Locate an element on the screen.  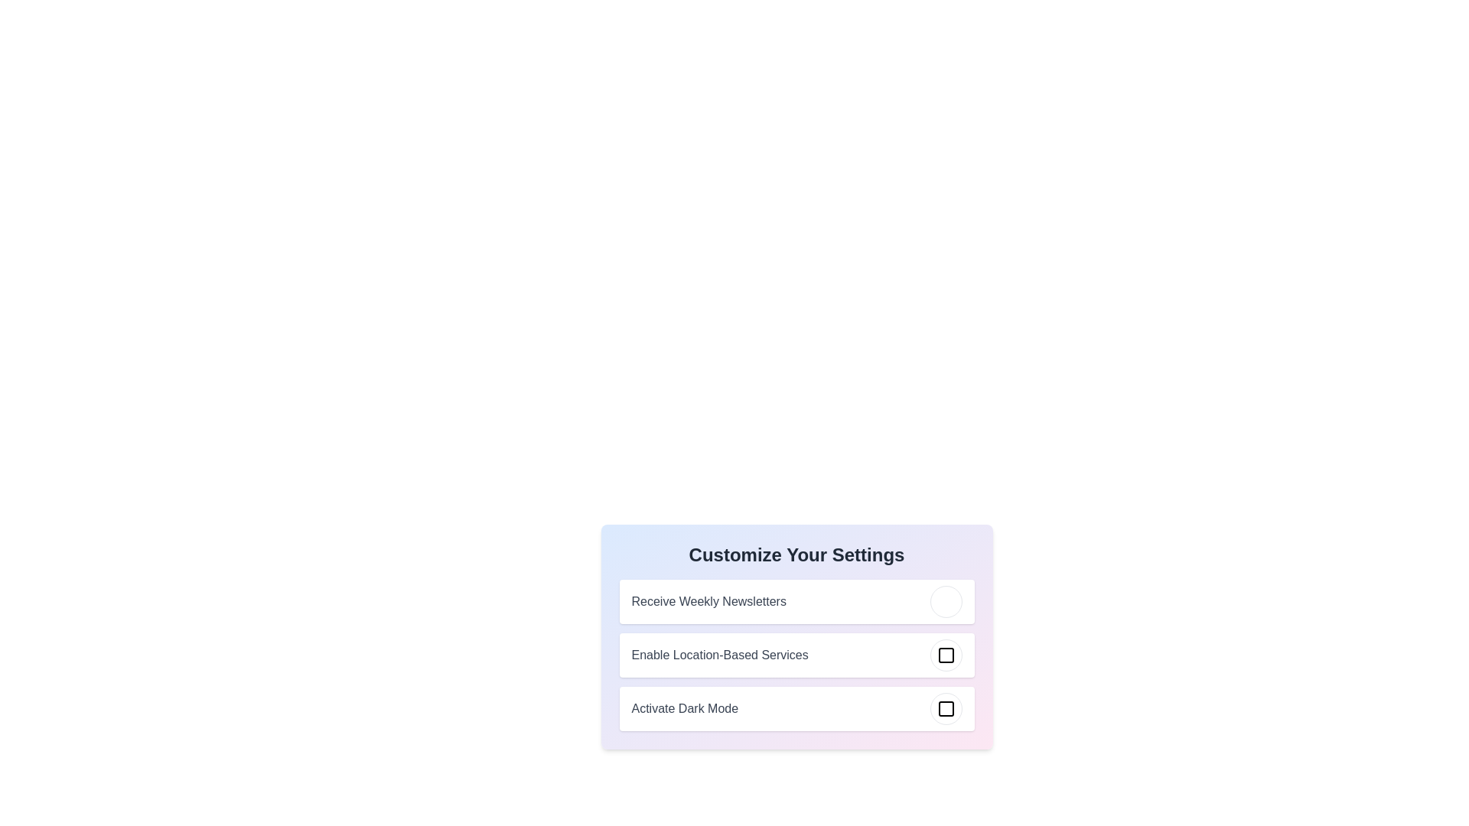
the checkbox located to the right of the 'Activate Dark Mode' text is located at coordinates (945, 708).